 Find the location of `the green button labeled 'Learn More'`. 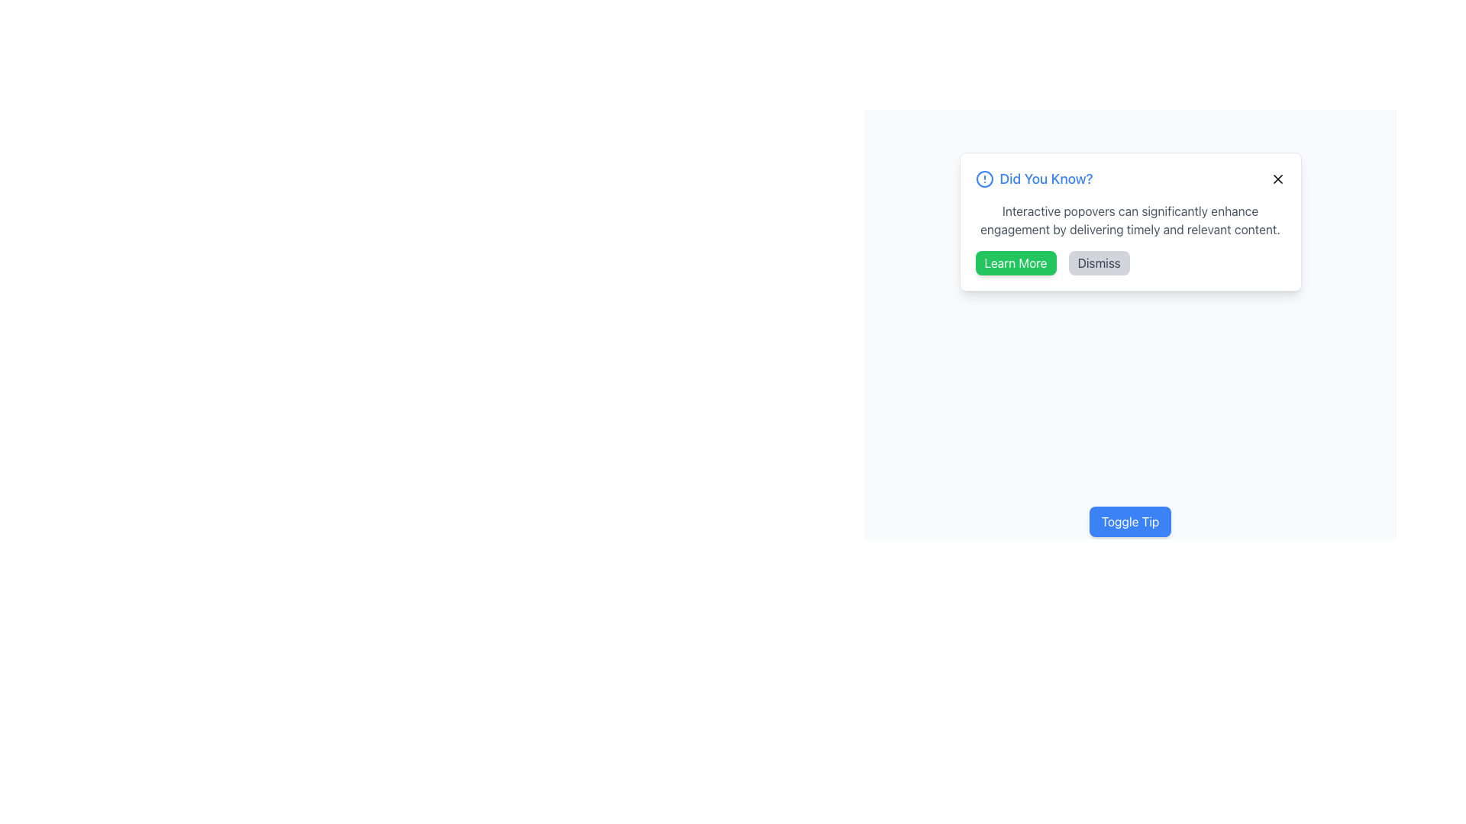

the green button labeled 'Learn More' is located at coordinates (1016, 262).